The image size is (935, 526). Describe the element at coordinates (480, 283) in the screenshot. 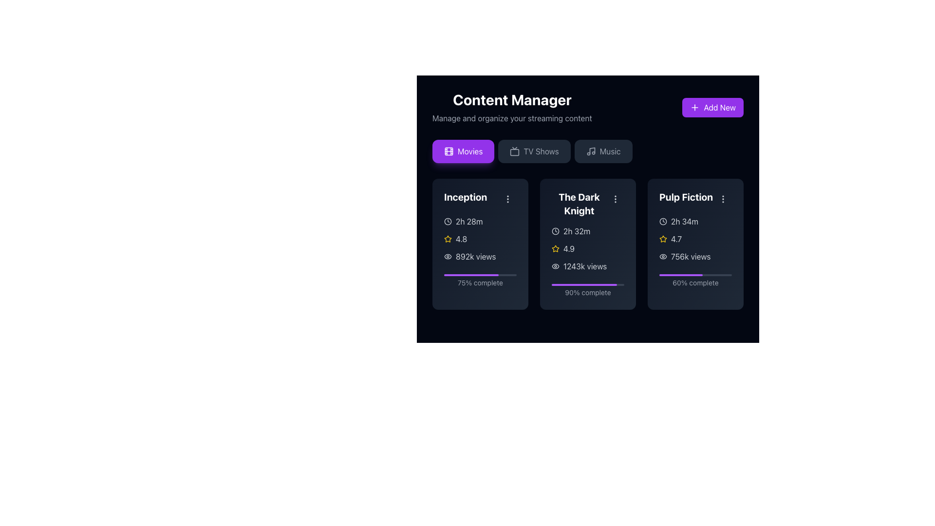

I see `displayed text of the Text Label located below the progress bar in the 'Inception' card` at that location.